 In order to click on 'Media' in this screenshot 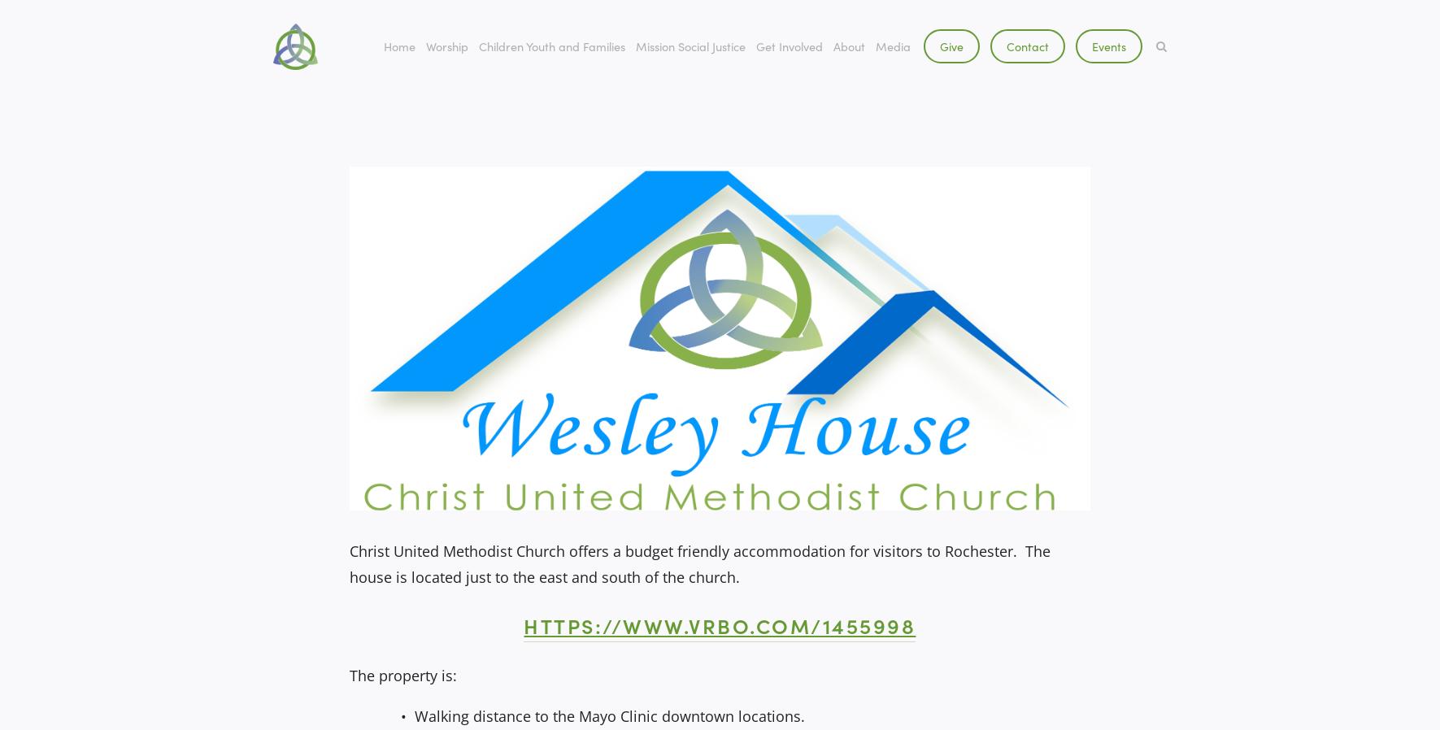, I will do `click(874, 46)`.